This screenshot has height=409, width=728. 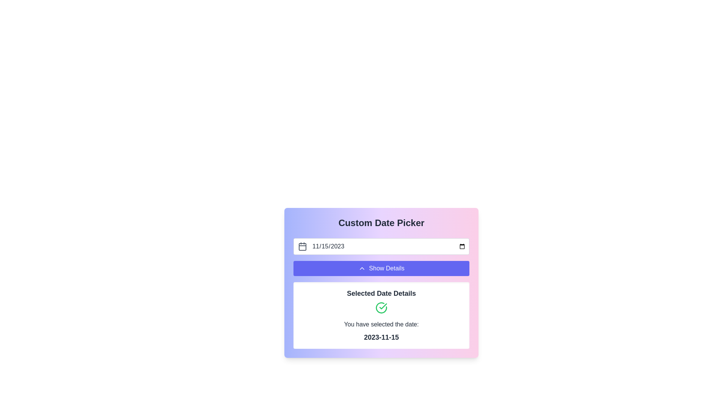 I want to click on the Date Picker Input Field, so click(x=381, y=247).